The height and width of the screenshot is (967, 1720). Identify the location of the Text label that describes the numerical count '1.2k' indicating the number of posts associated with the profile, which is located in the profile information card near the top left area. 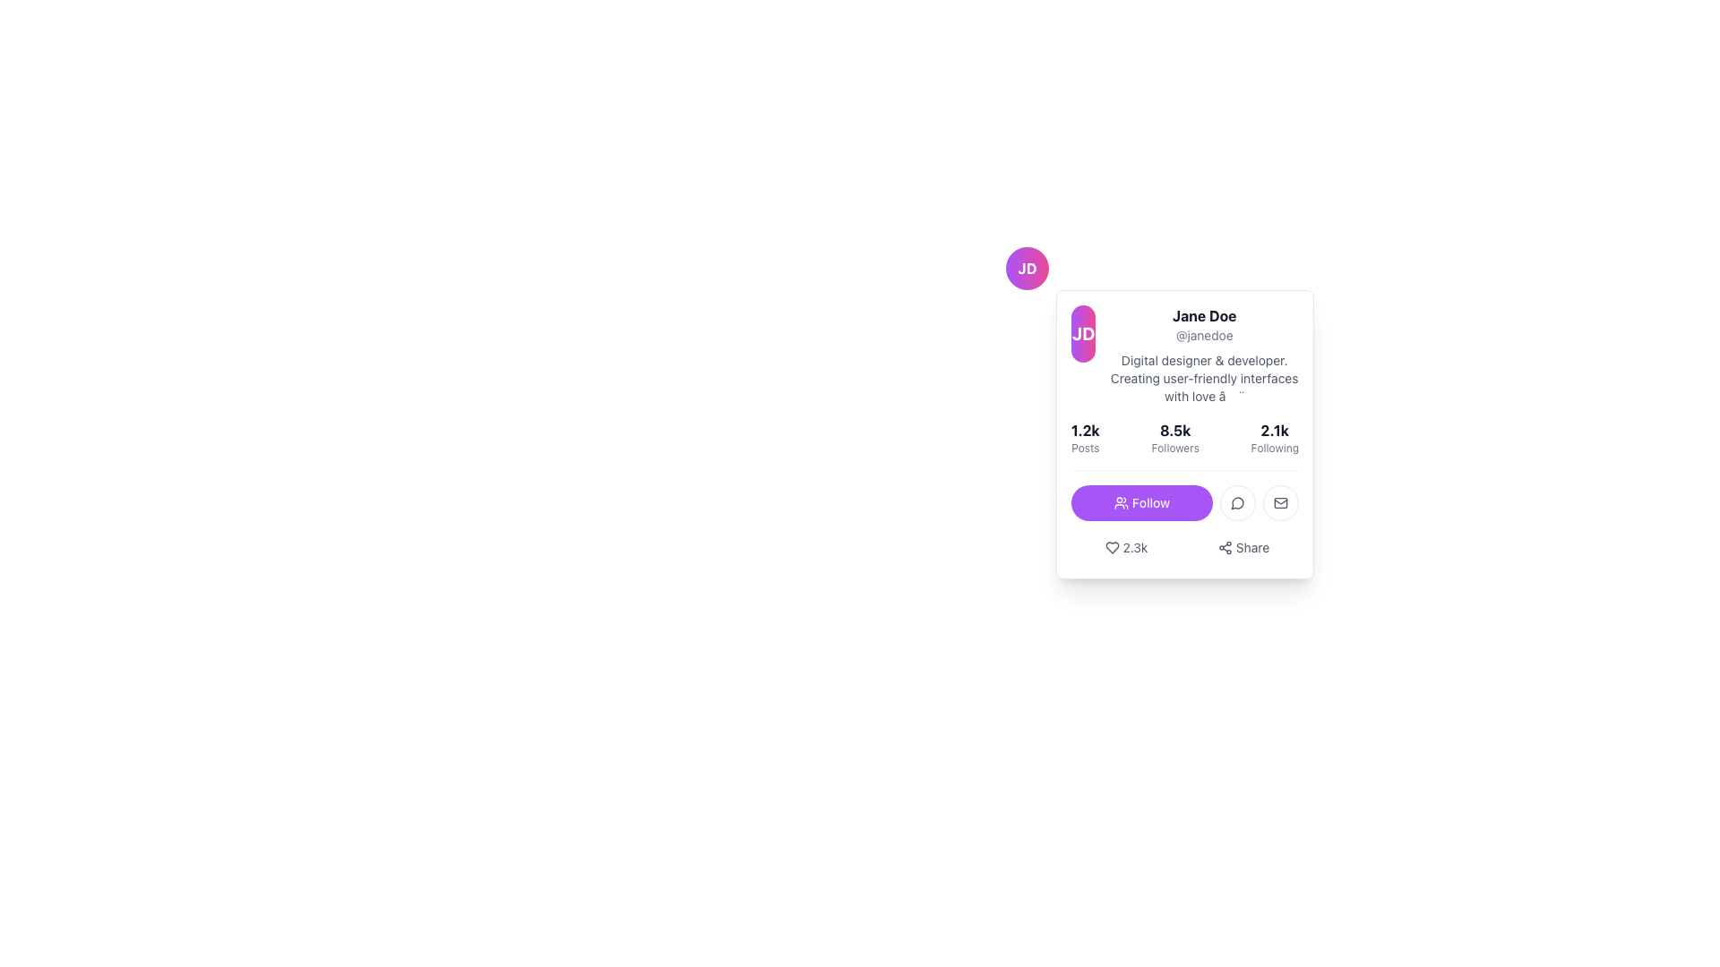
(1084, 448).